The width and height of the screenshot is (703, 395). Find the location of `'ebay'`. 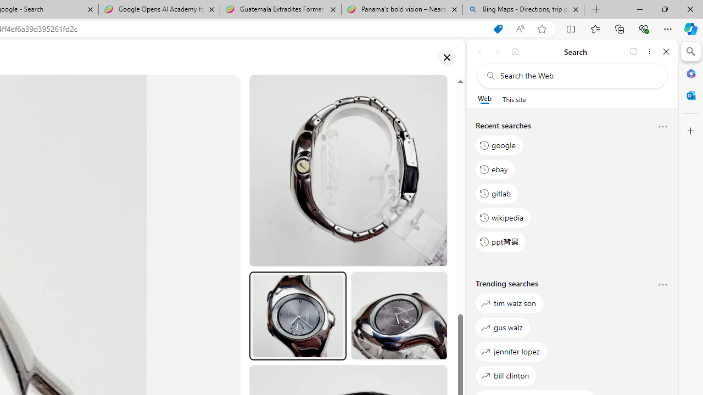

'ebay' is located at coordinates (495, 169).